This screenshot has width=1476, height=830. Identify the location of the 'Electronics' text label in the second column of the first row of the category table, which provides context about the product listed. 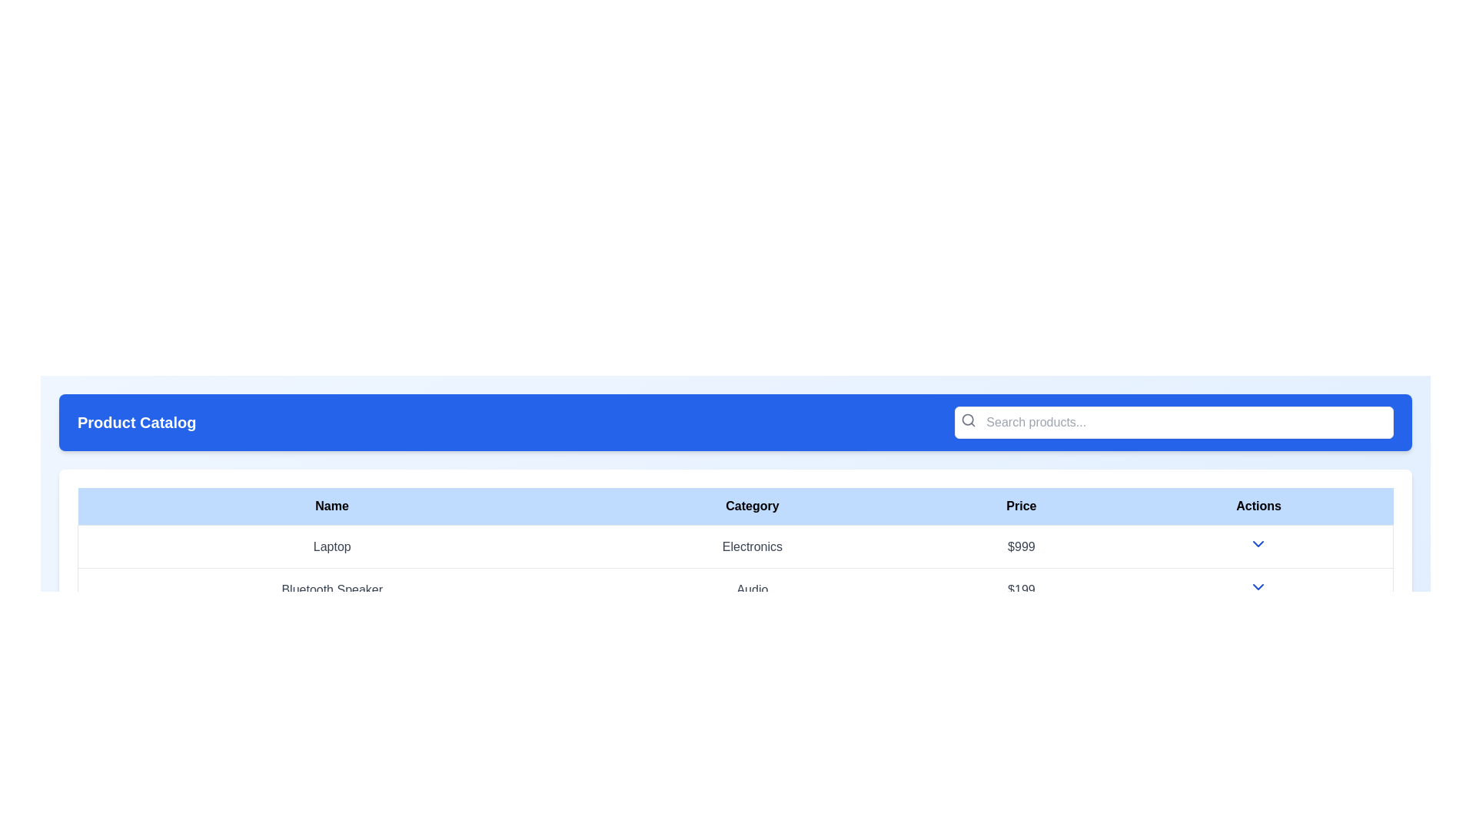
(734, 546).